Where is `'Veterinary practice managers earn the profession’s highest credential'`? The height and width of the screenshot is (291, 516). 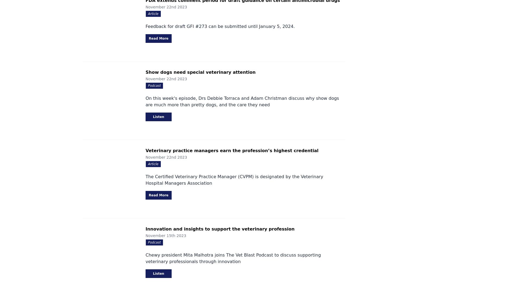
'Veterinary practice managers earn the profession’s highest credential' is located at coordinates (232, 151).